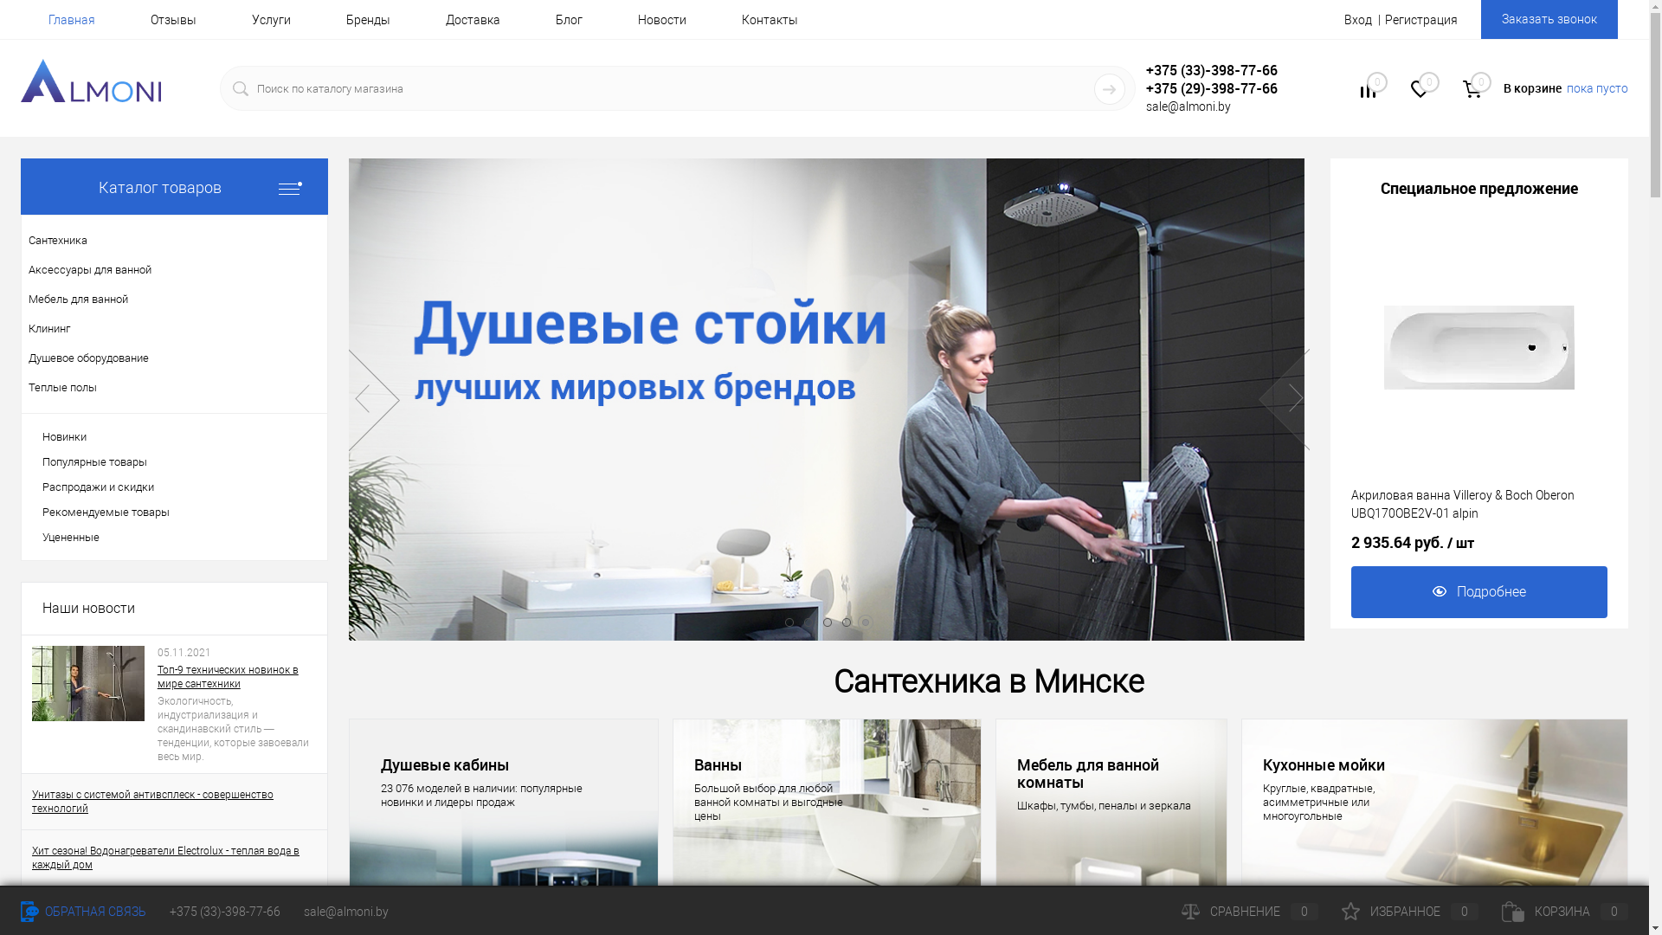 The image size is (1662, 935). Describe the element at coordinates (1420, 91) in the screenshot. I see `'0'` at that location.